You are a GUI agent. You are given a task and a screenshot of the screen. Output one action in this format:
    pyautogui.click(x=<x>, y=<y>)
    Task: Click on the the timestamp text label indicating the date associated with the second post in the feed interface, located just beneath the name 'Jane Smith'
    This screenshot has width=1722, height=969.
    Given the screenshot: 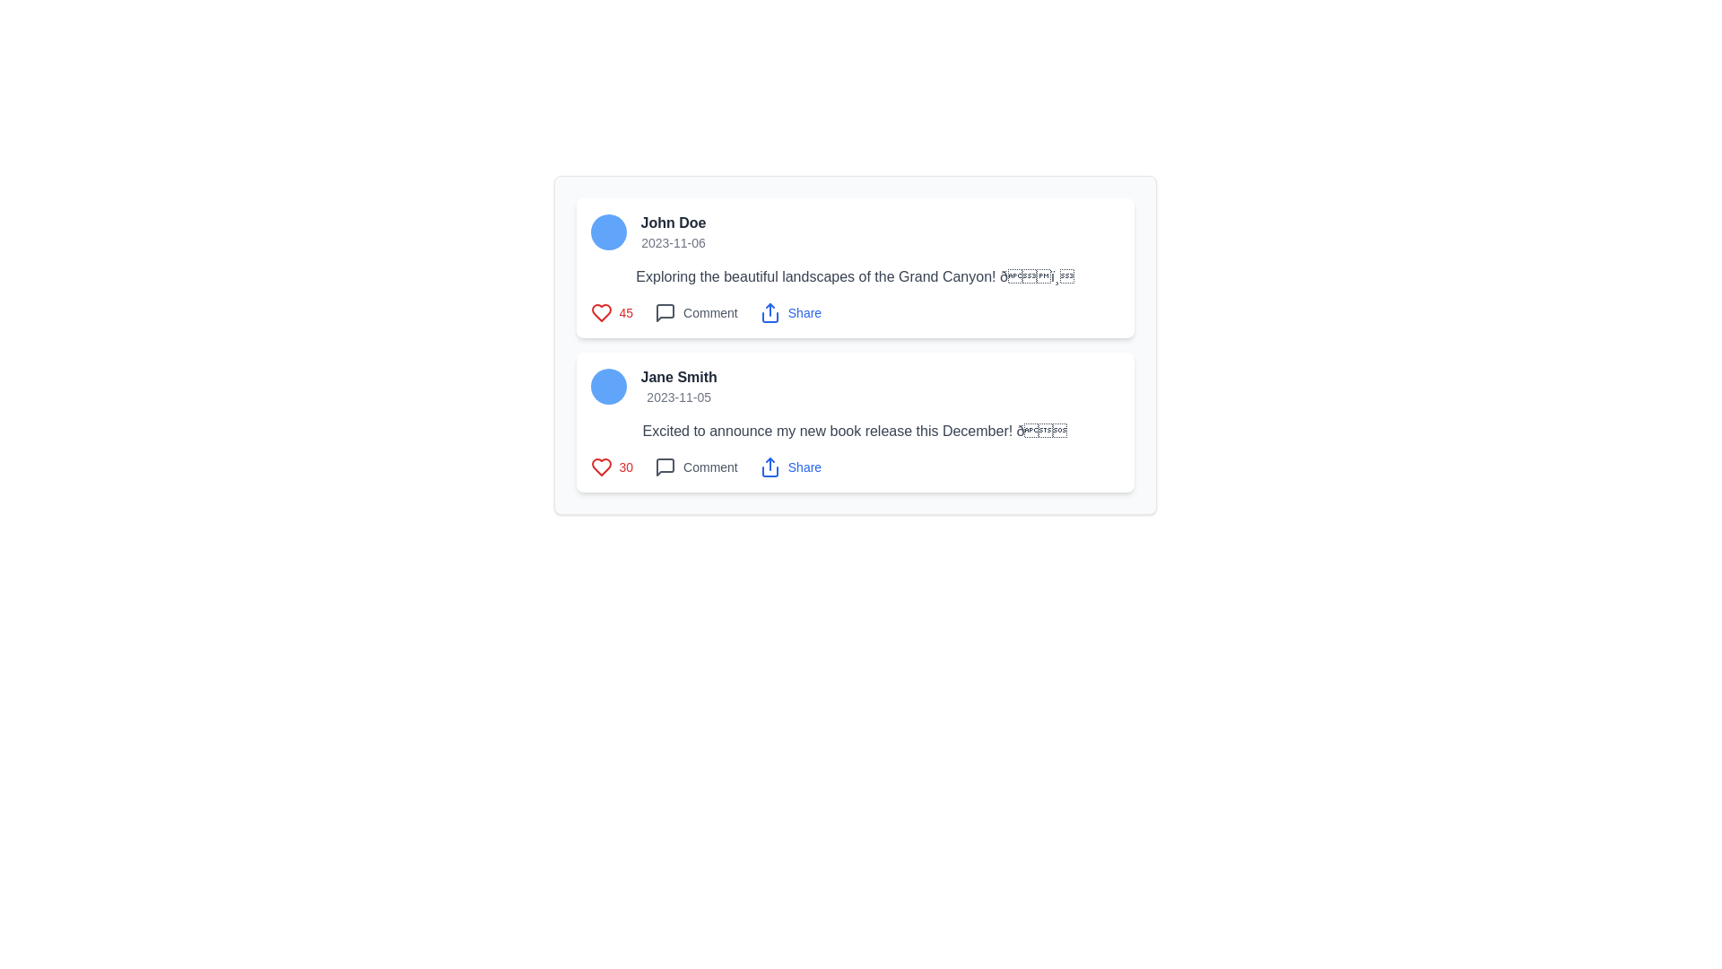 What is the action you would take?
    pyautogui.click(x=678, y=397)
    